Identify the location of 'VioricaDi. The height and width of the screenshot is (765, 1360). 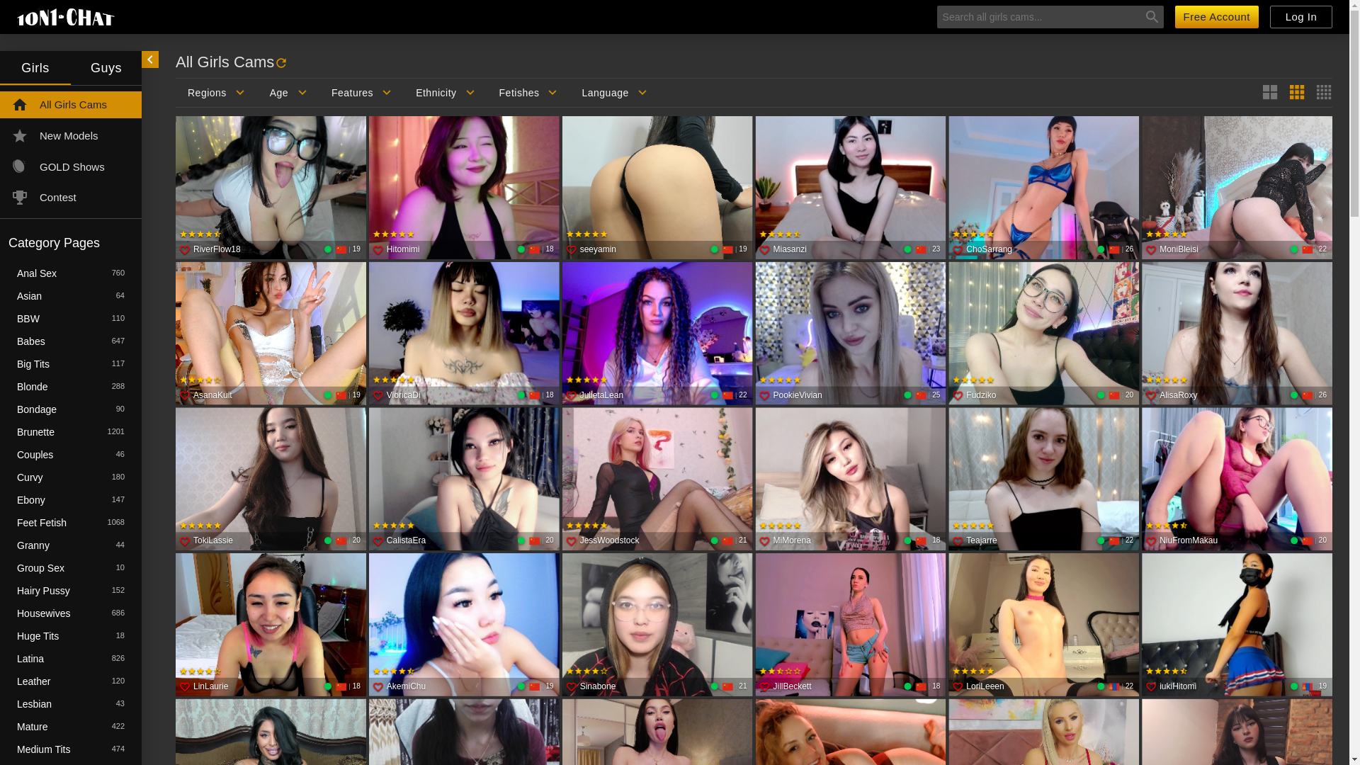
(464, 334).